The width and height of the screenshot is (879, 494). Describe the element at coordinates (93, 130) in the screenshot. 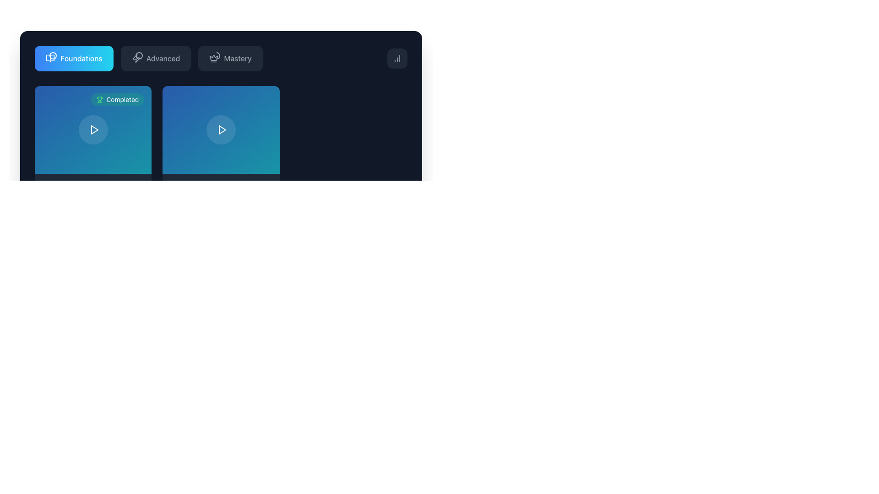

I see `the round interactive play button located below the center of the blue-to-cyan gradient background to initiate the play function` at that location.